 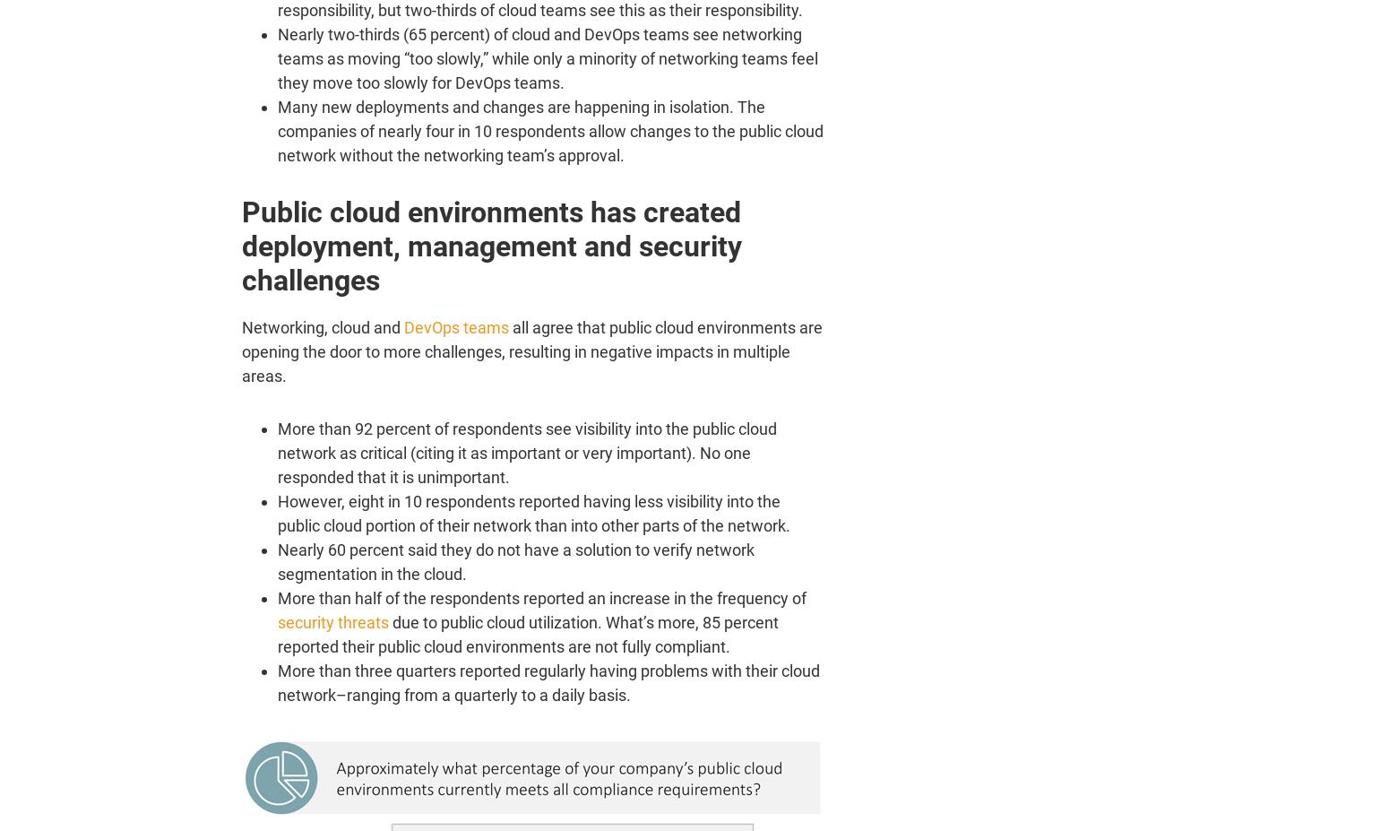 I want to click on 'security threats', so click(x=332, y=621).